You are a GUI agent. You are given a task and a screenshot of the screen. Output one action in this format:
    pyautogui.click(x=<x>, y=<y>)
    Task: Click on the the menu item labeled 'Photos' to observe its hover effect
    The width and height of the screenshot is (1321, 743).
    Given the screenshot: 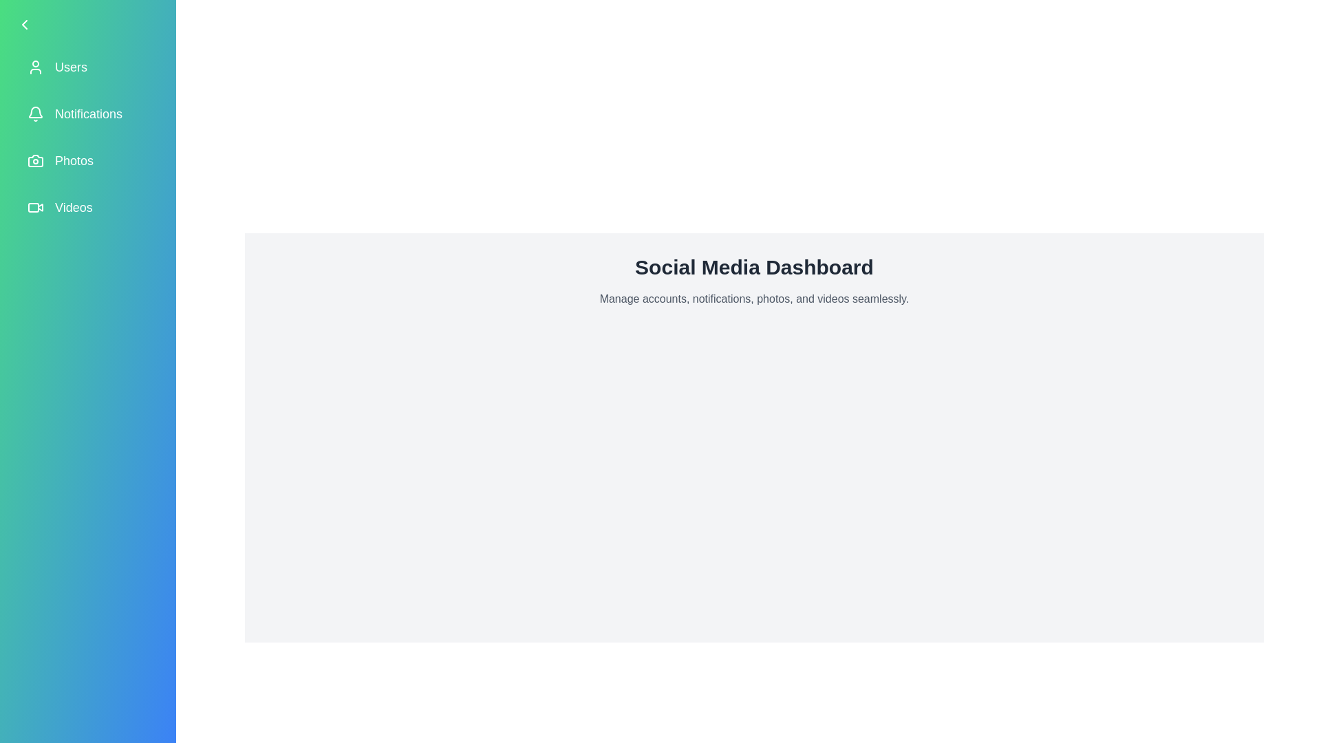 What is the action you would take?
    pyautogui.click(x=87, y=160)
    